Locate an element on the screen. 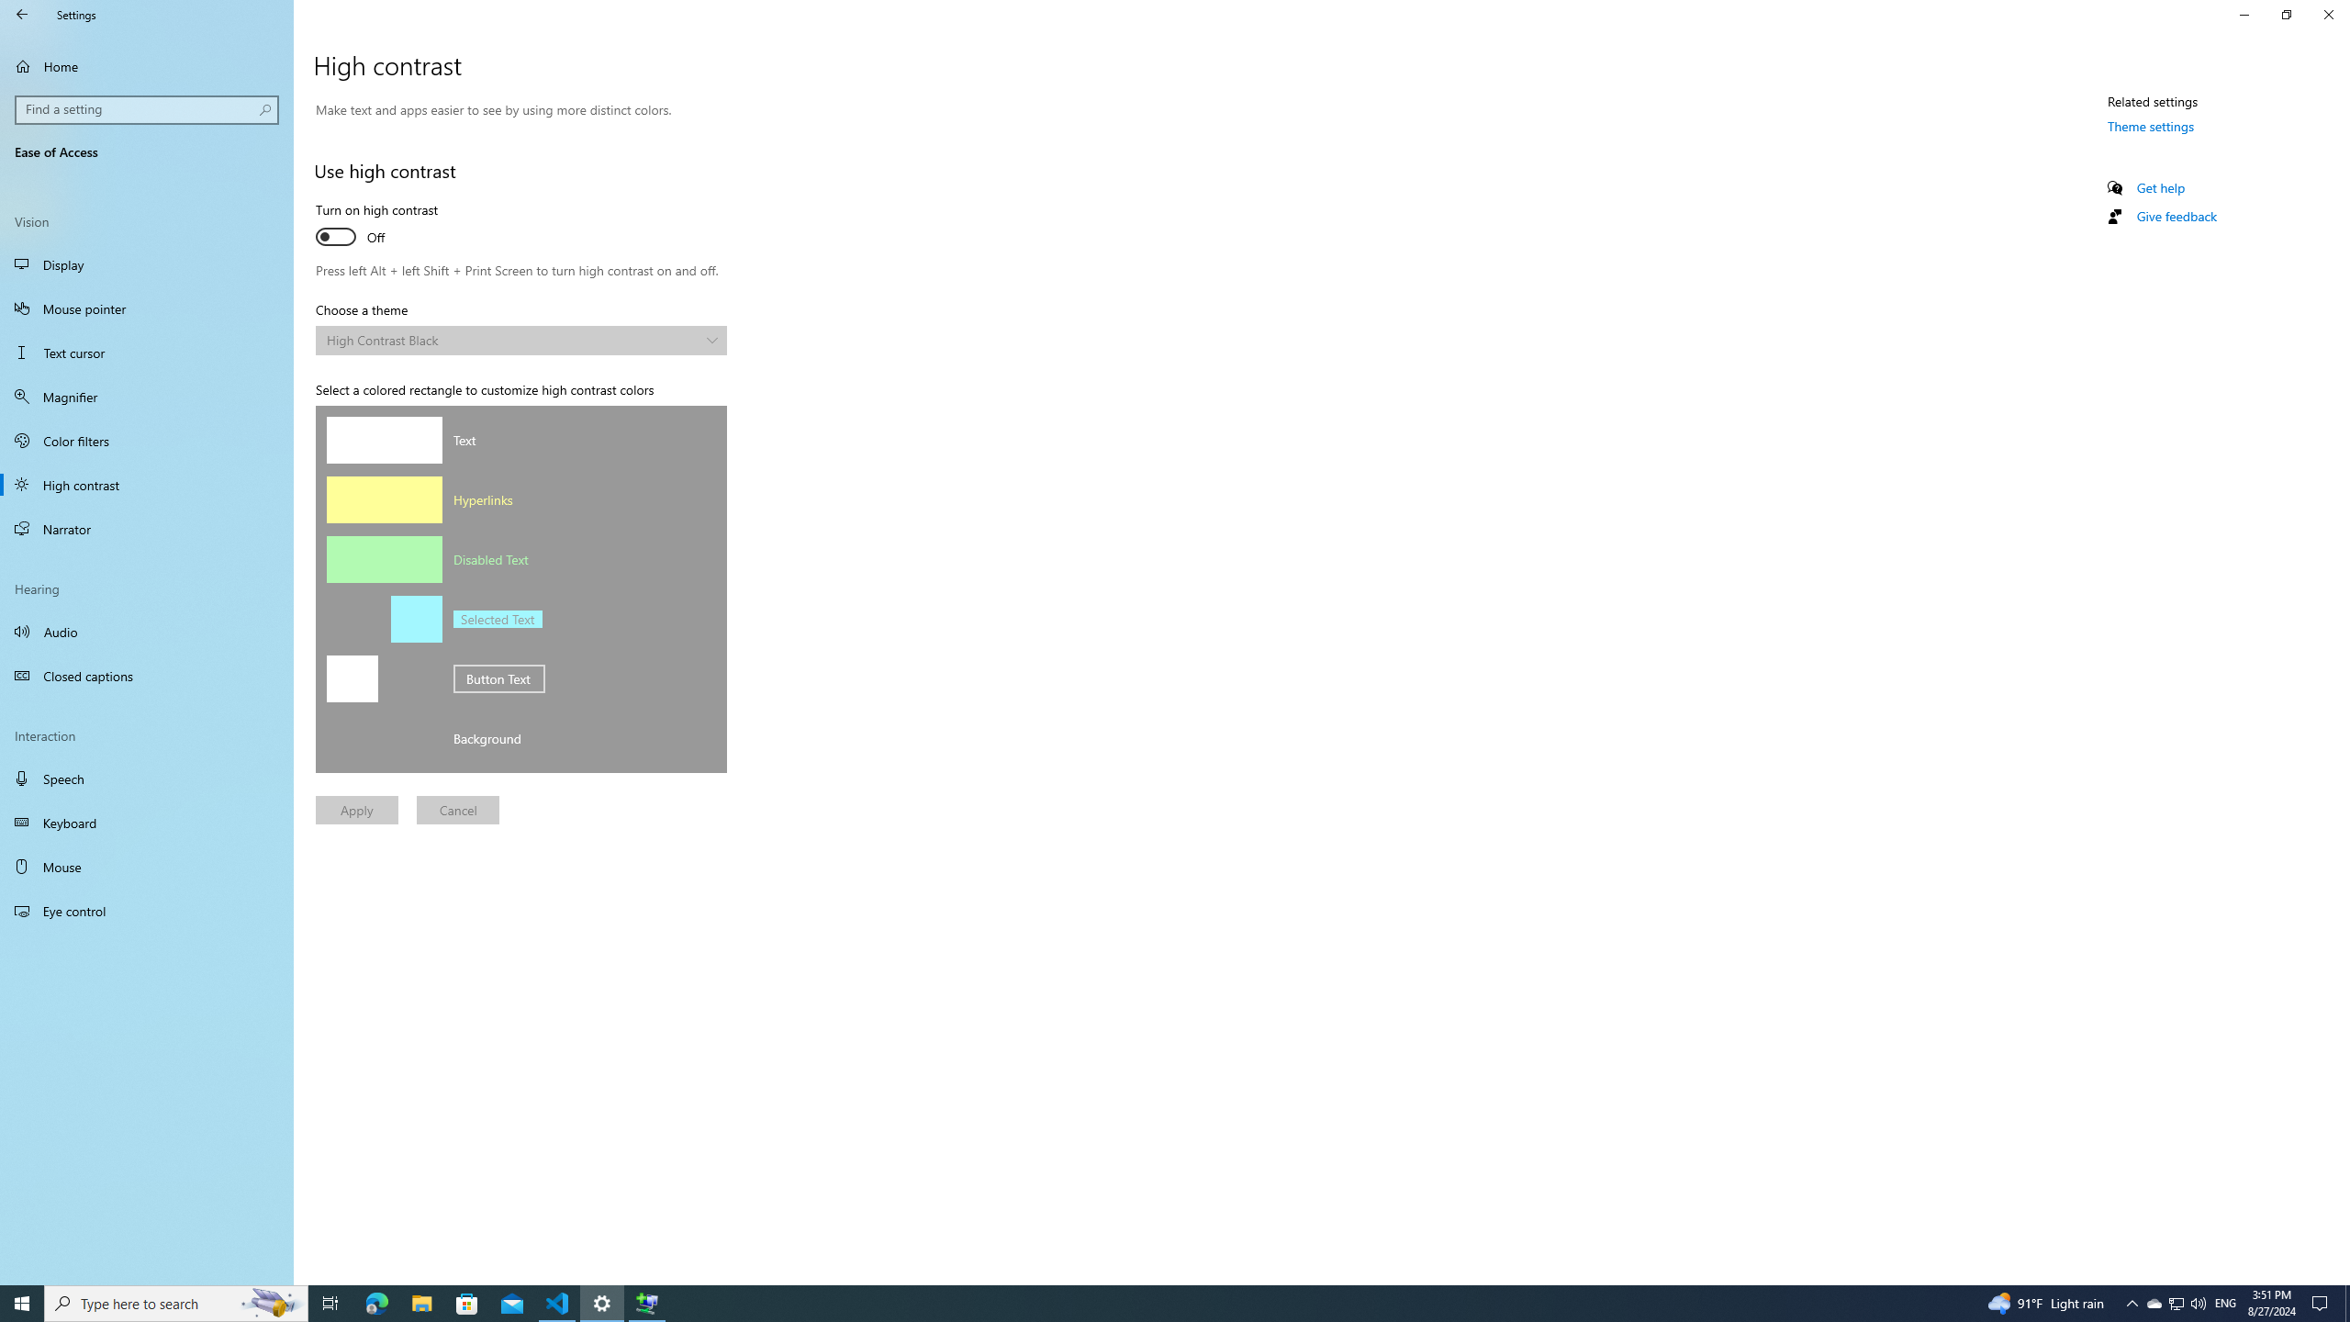 The image size is (2350, 1322). 'Type here to search' is located at coordinates (175, 1302).